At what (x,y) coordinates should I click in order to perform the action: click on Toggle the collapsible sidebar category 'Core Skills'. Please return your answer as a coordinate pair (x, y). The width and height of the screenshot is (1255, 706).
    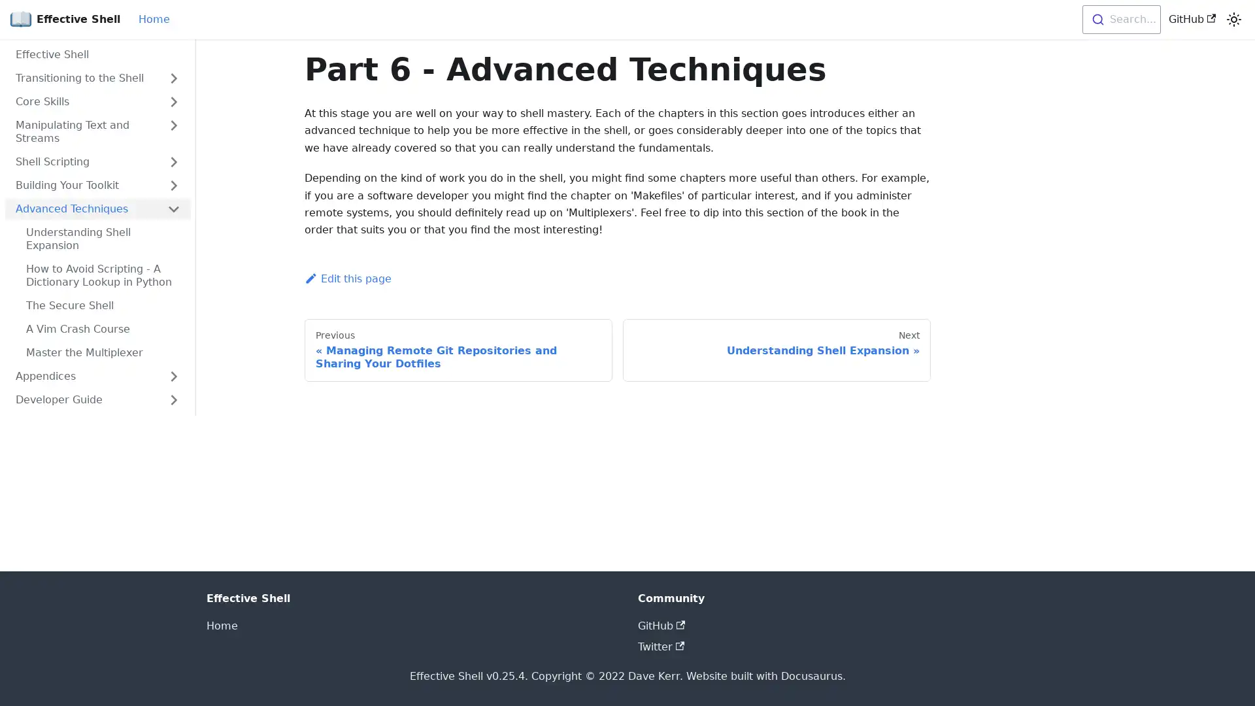
    Looking at the image, I should click on (173, 101).